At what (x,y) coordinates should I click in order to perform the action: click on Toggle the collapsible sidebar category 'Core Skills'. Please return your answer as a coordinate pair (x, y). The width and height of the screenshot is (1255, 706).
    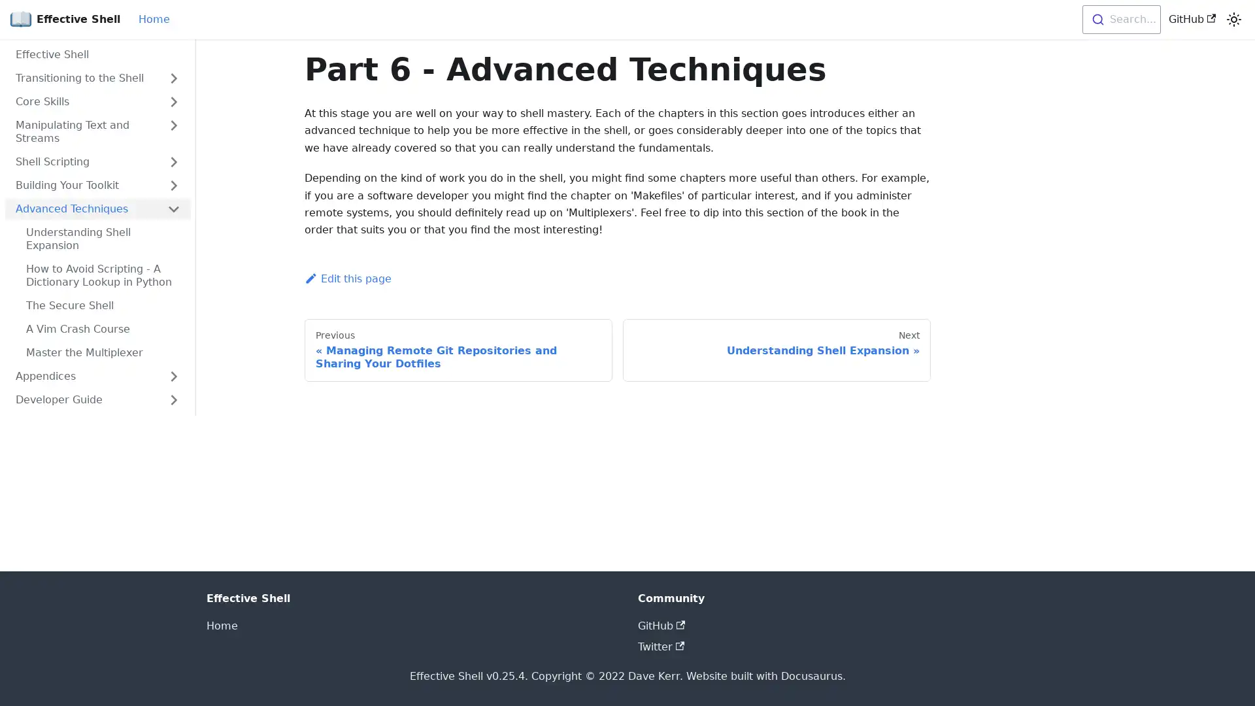
    Looking at the image, I should click on (173, 101).